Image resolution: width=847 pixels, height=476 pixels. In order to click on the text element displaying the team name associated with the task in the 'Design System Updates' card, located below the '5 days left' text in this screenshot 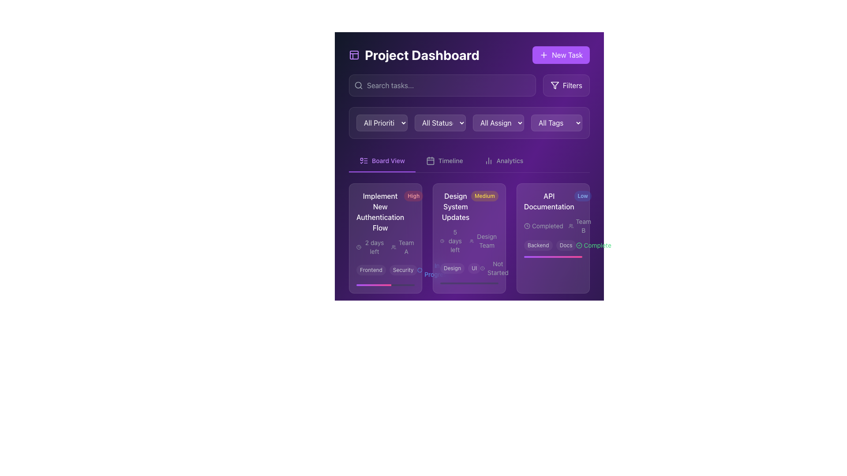, I will do `click(483, 241)`.